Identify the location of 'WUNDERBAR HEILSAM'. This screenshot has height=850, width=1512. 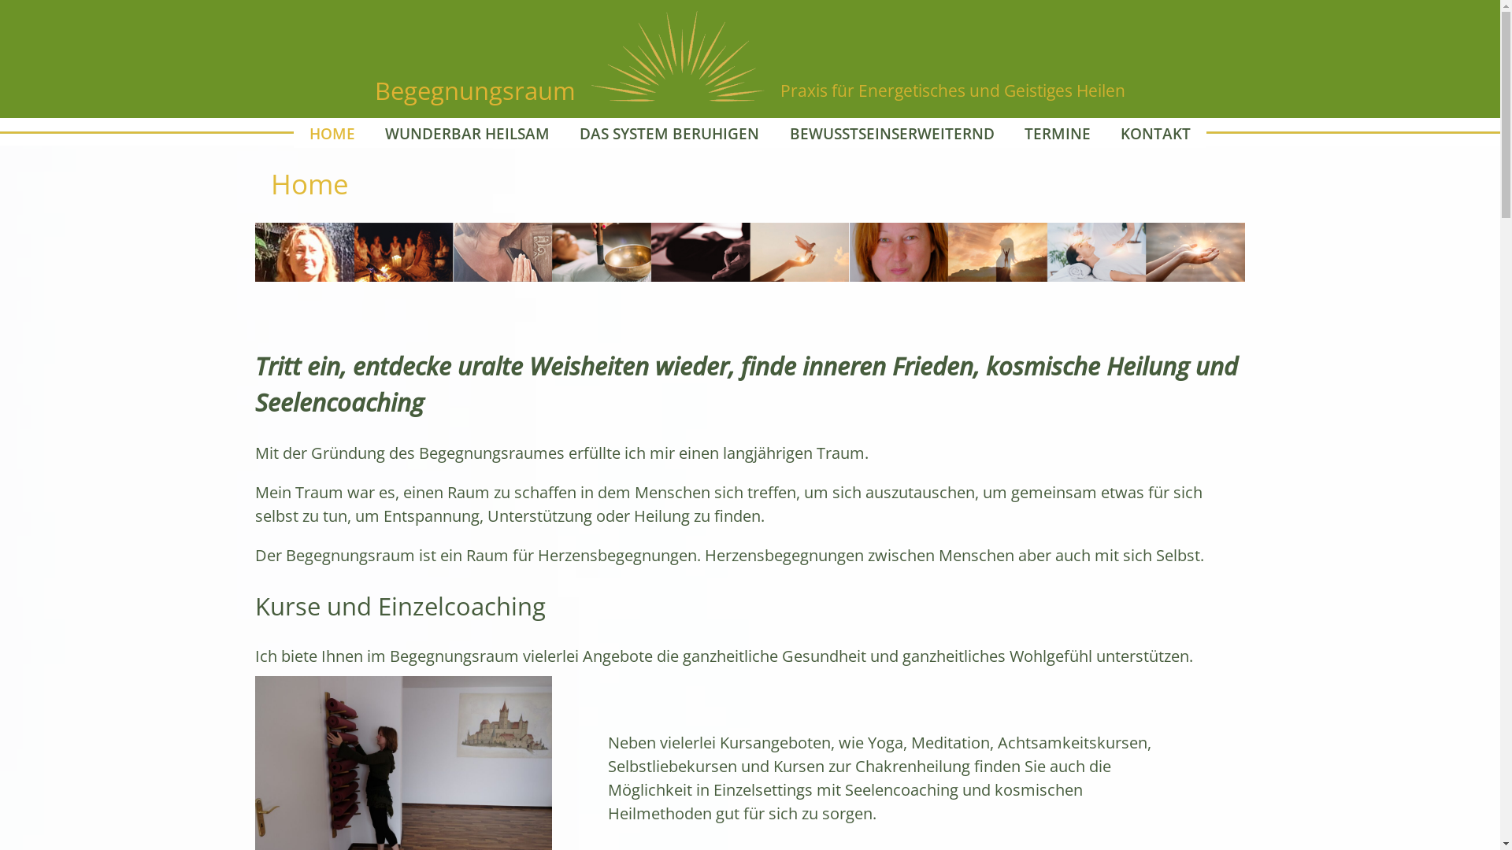
(466, 132).